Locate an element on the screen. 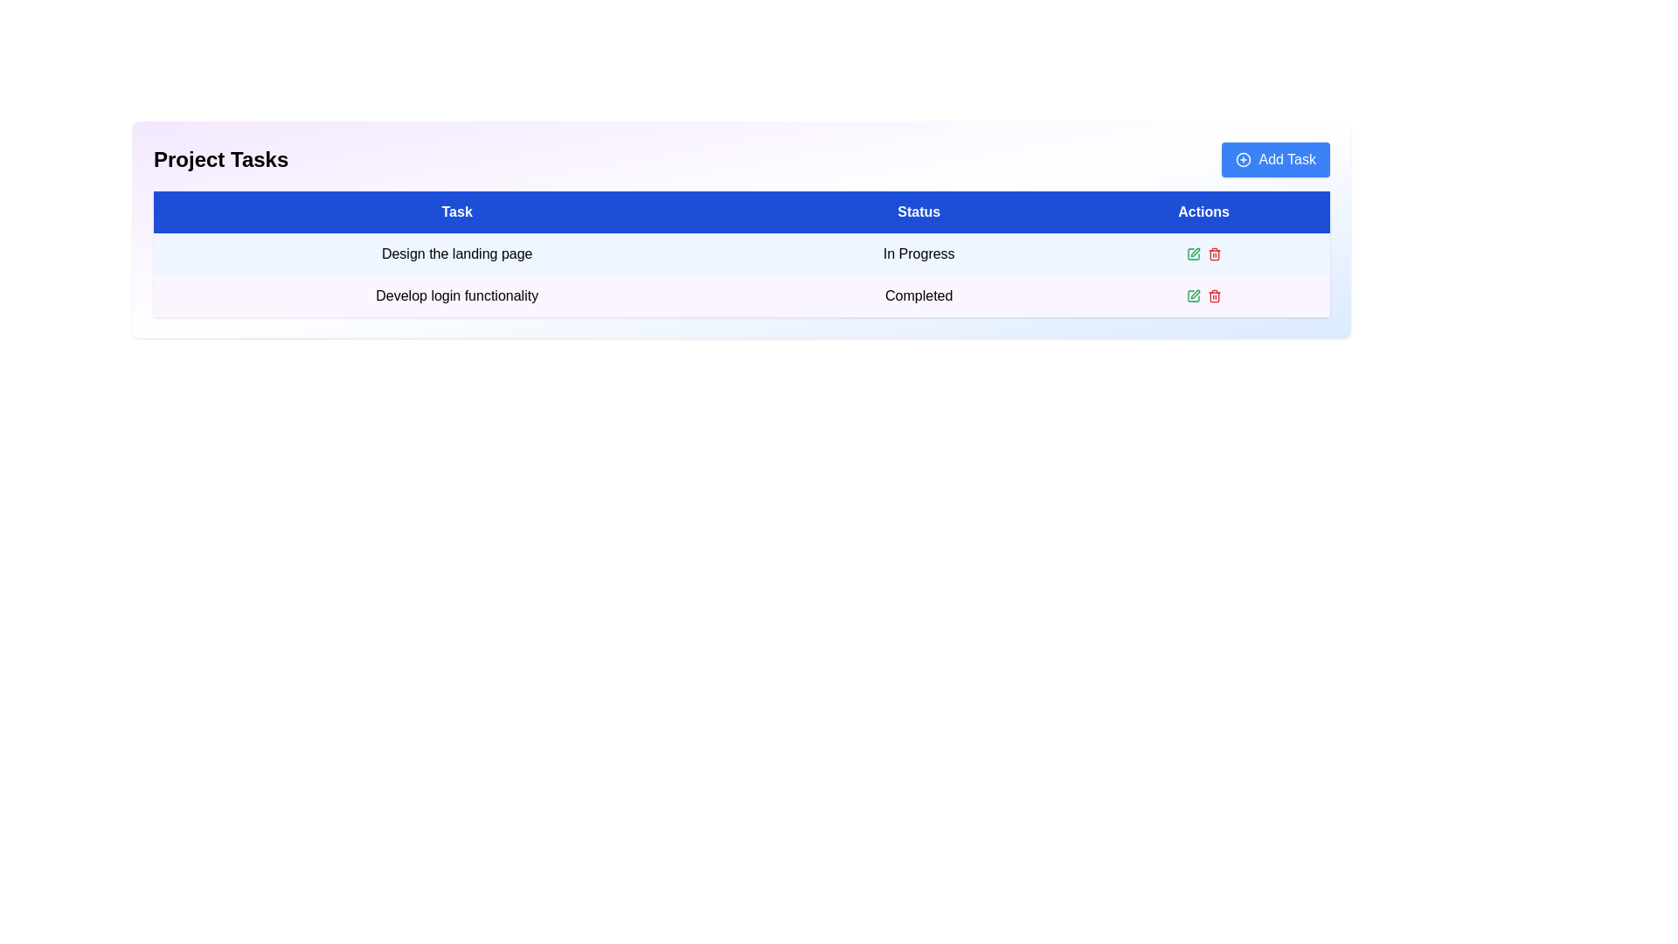  the text label displaying 'Design the landing page', which is the first cell in the first row under the 'Task' column of the 'Project Tasks' table is located at coordinates (457, 253).